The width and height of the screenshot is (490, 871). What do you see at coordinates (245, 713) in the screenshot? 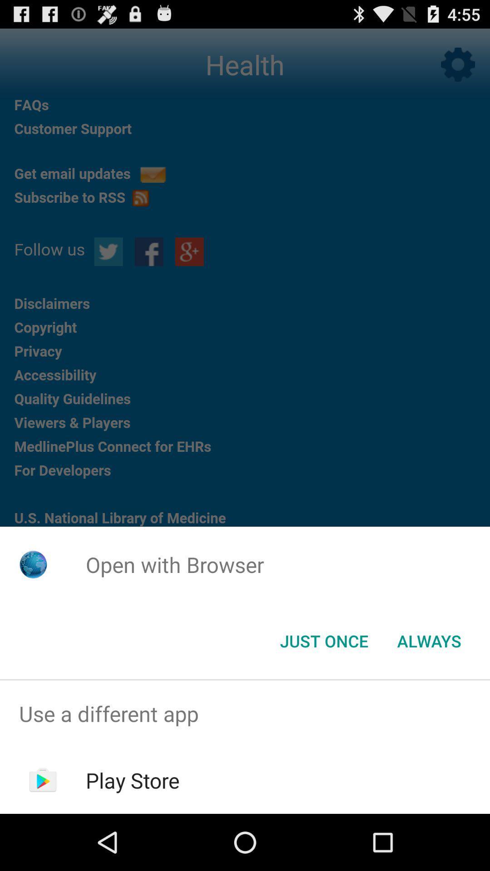
I see `the item above the play store` at bounding box center [245, 713].